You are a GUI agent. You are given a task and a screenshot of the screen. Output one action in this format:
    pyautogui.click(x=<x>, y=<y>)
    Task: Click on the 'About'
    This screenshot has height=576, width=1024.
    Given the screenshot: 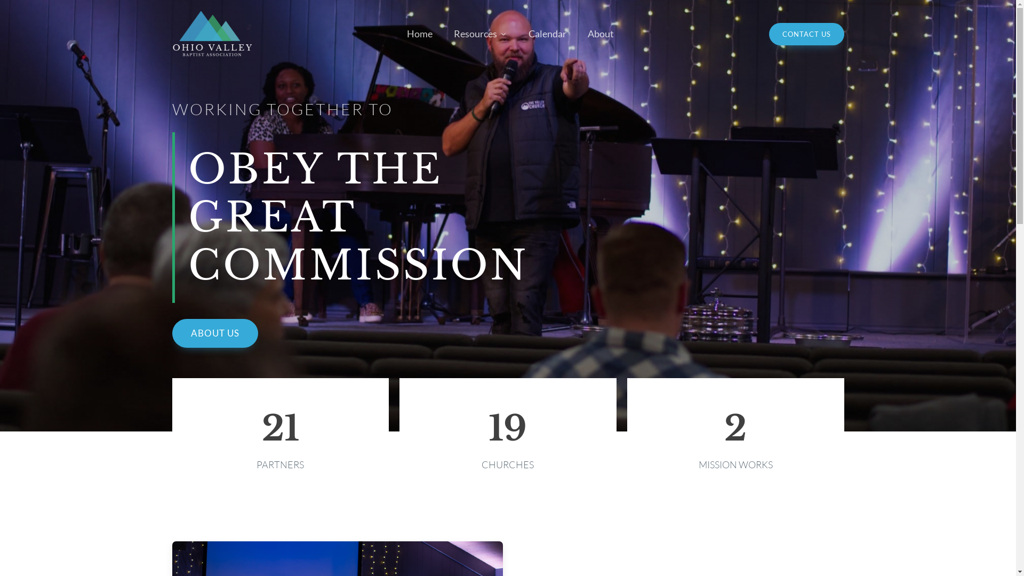 What is the action you would take?
    pyautogui.click(x=601, y=33)
    